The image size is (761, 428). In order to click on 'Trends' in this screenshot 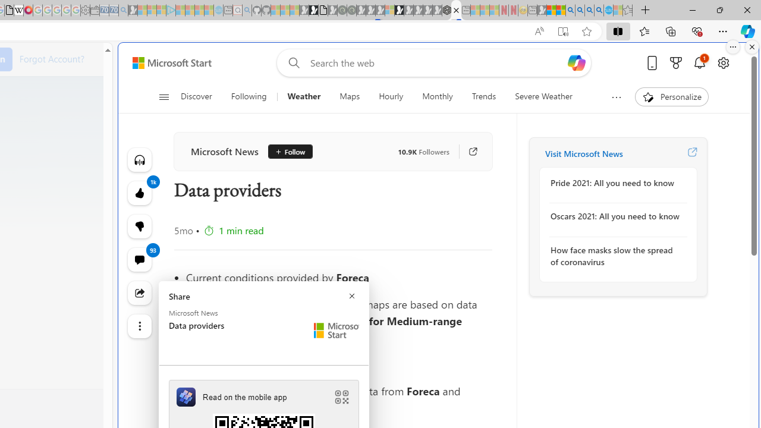, I will do `click(484, 96)`.